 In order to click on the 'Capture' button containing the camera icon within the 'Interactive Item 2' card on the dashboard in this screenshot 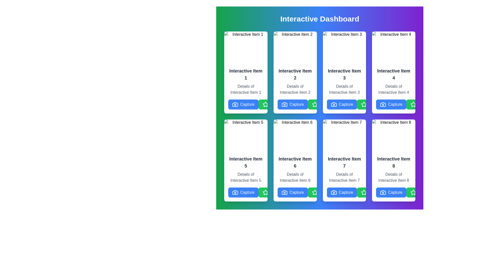, I will do `click(284, 104)`.